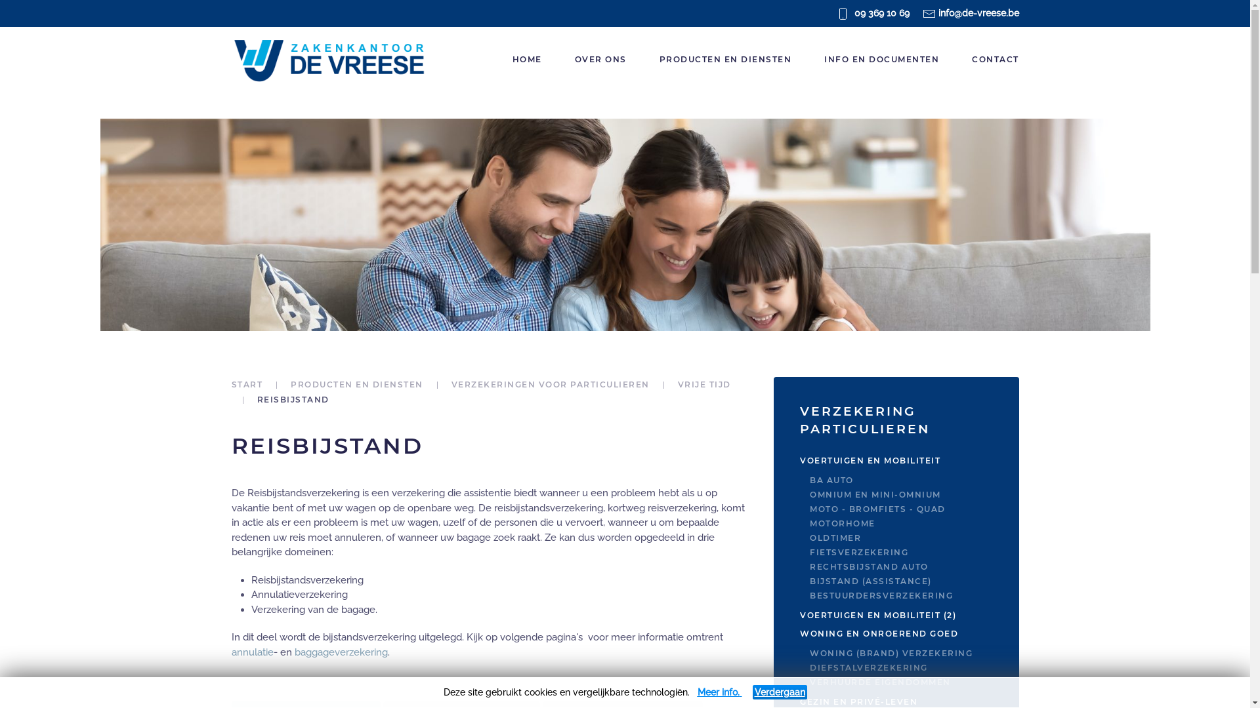 The image size is (1260, 708). I want to click on 'VRIJE TIJD', so click(677, 383).